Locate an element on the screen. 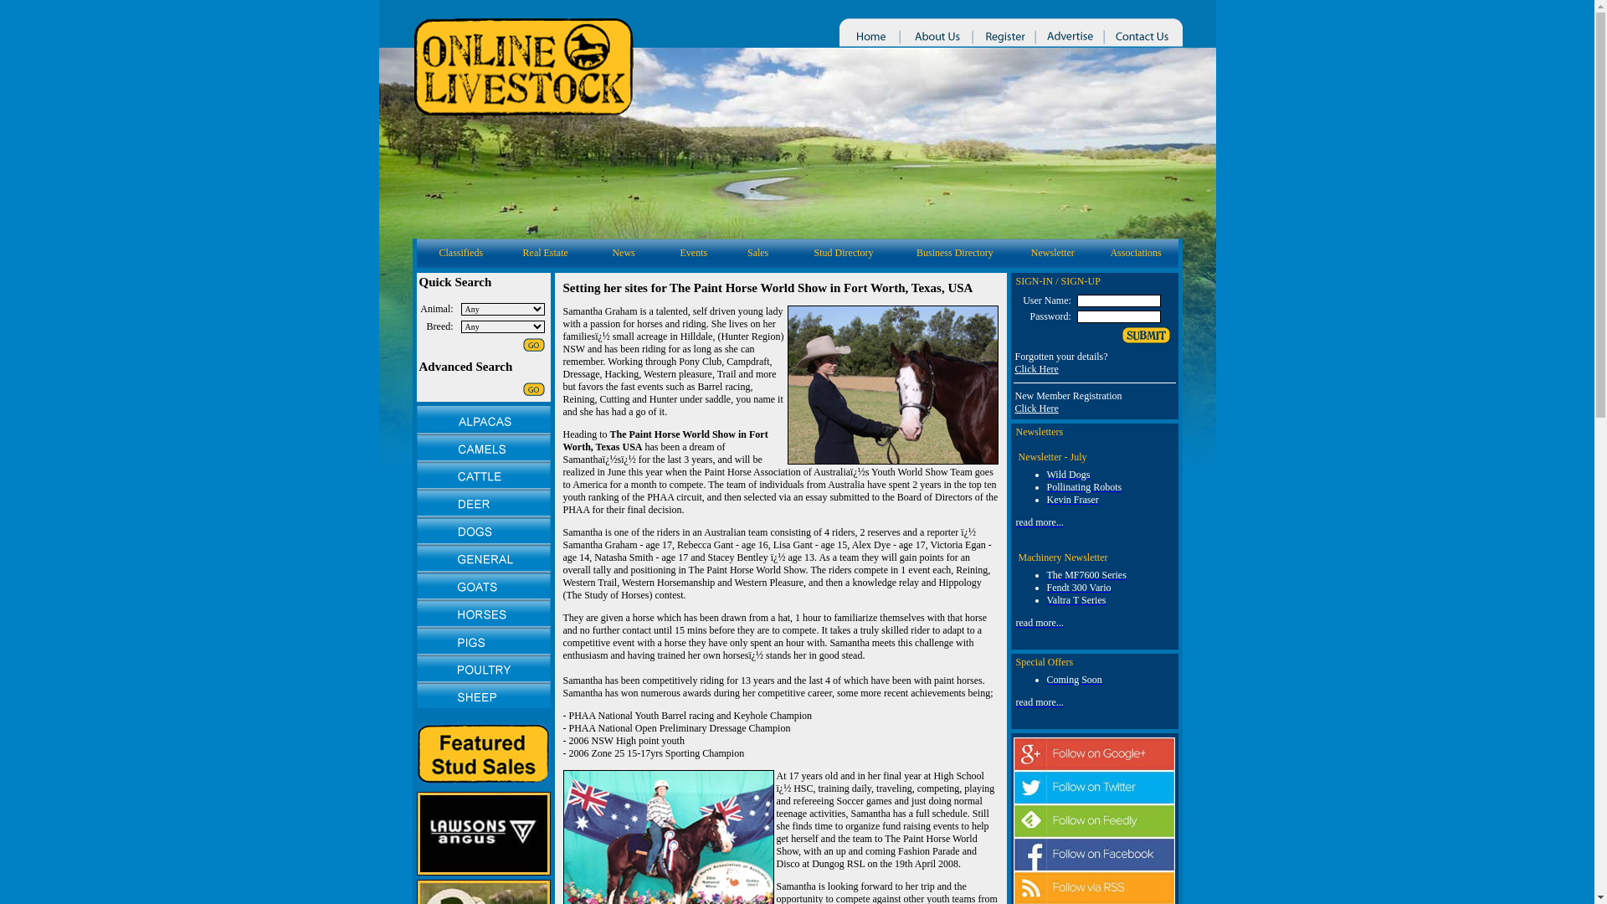  'Coming Soon' is located at coordinates (1073, 680).